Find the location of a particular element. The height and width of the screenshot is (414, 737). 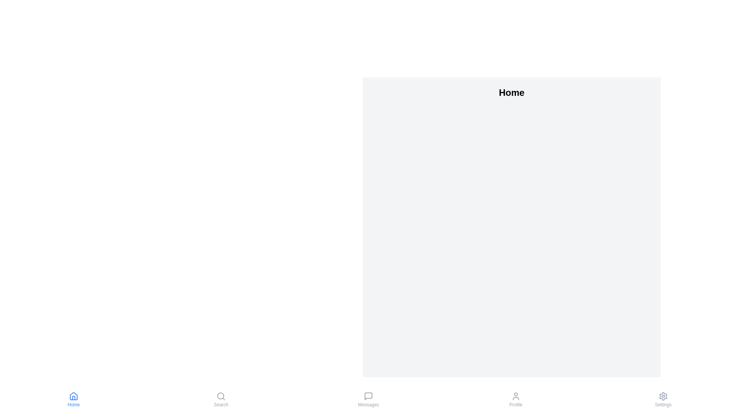

the messaging icon located in the bottom navigation bar, centrally aligned with the 'Messages' section is located at coordinates (368, 396).